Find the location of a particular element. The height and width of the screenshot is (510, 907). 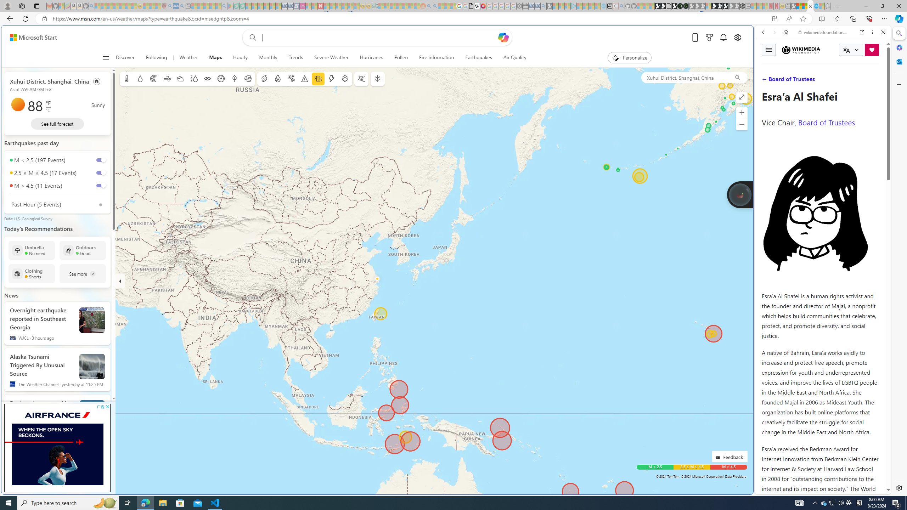

'DITOGAMES AG Imprint - Sleeping' is located at coordinates (374, 6).